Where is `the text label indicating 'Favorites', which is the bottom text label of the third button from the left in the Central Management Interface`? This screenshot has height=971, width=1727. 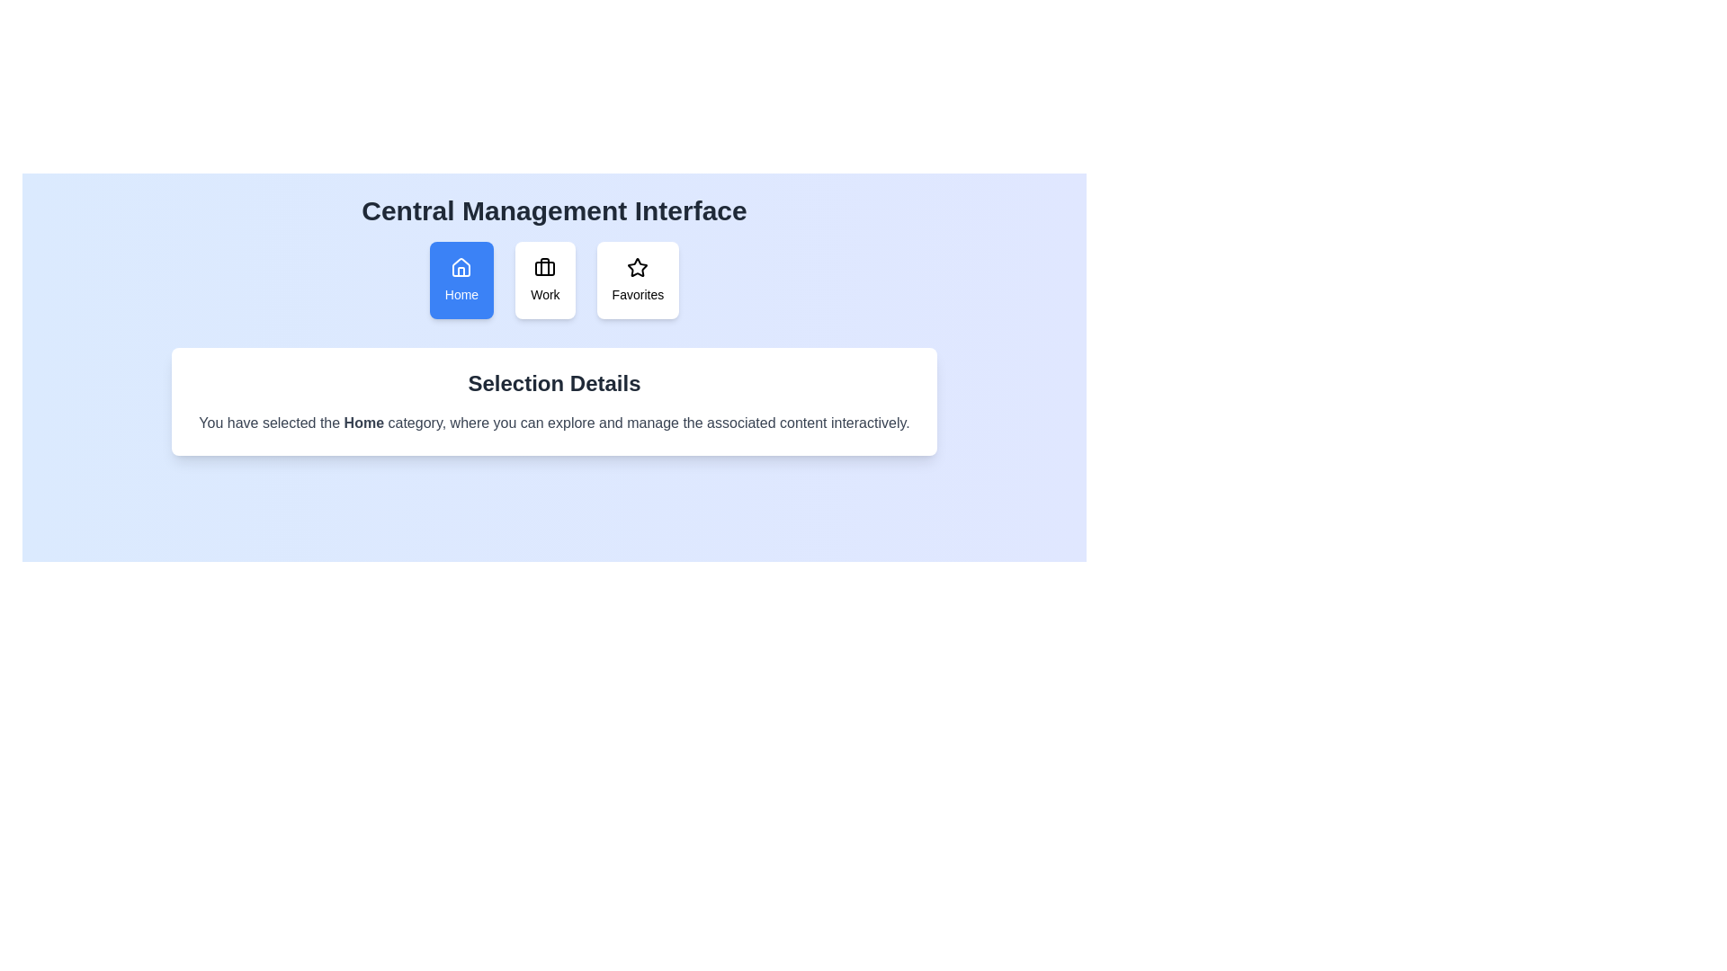 the text label indicating 'Favorites', which is the bottom text label of the third button from the left in the Central Management Interface is located at coordinates (638, 293).